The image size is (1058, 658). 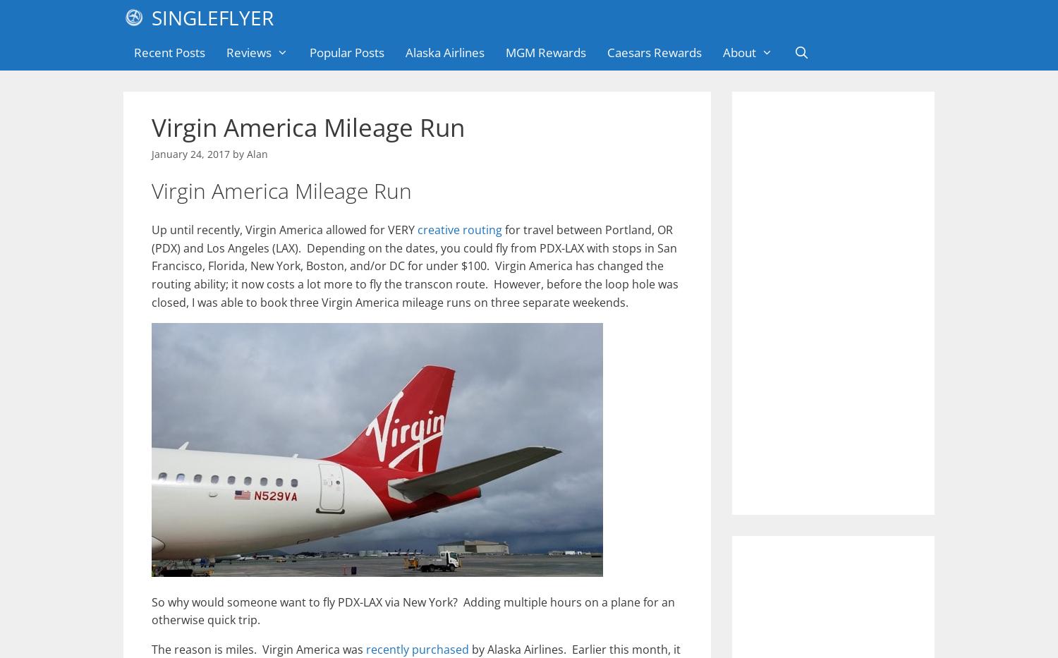 I want to click on 'The reason is miles.  Virgin America was', so click(x=258, y=649).